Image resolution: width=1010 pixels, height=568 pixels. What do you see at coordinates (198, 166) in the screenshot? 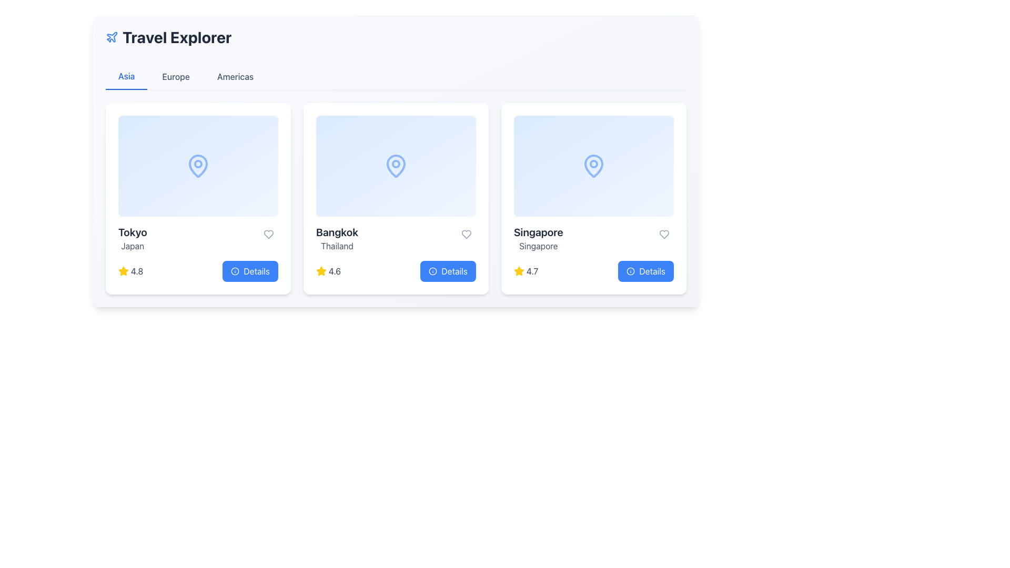
I see `the map pin icon representing the geographic location of 'Tokyo'` at bounding box center [198, 166].